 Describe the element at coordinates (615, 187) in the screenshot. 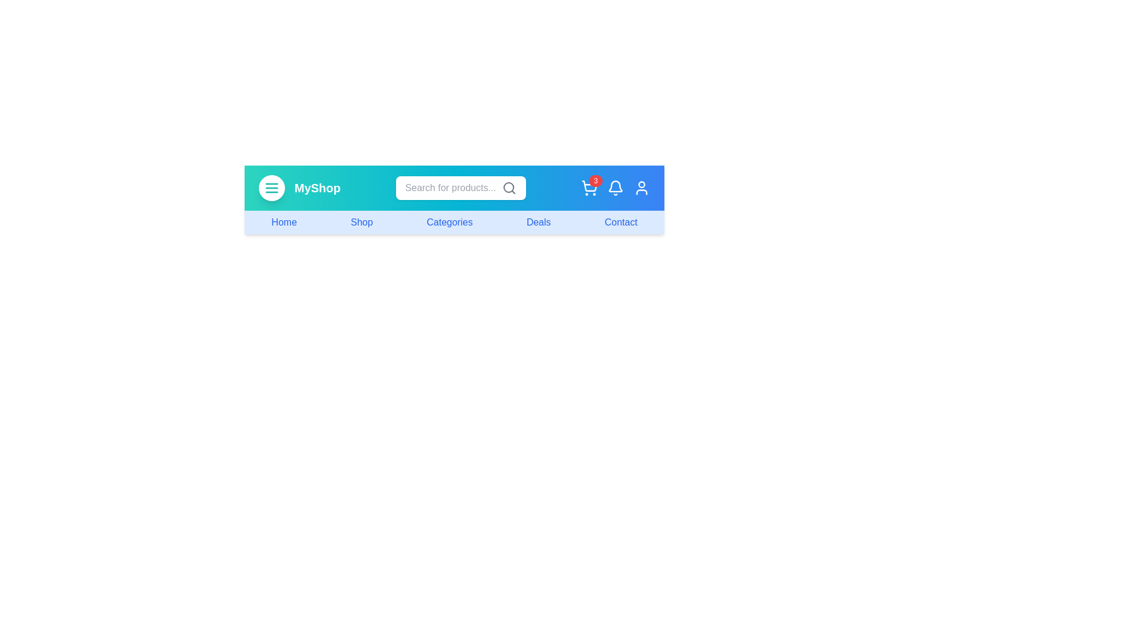

I see `the notification bell icon to view notifications` at that location.